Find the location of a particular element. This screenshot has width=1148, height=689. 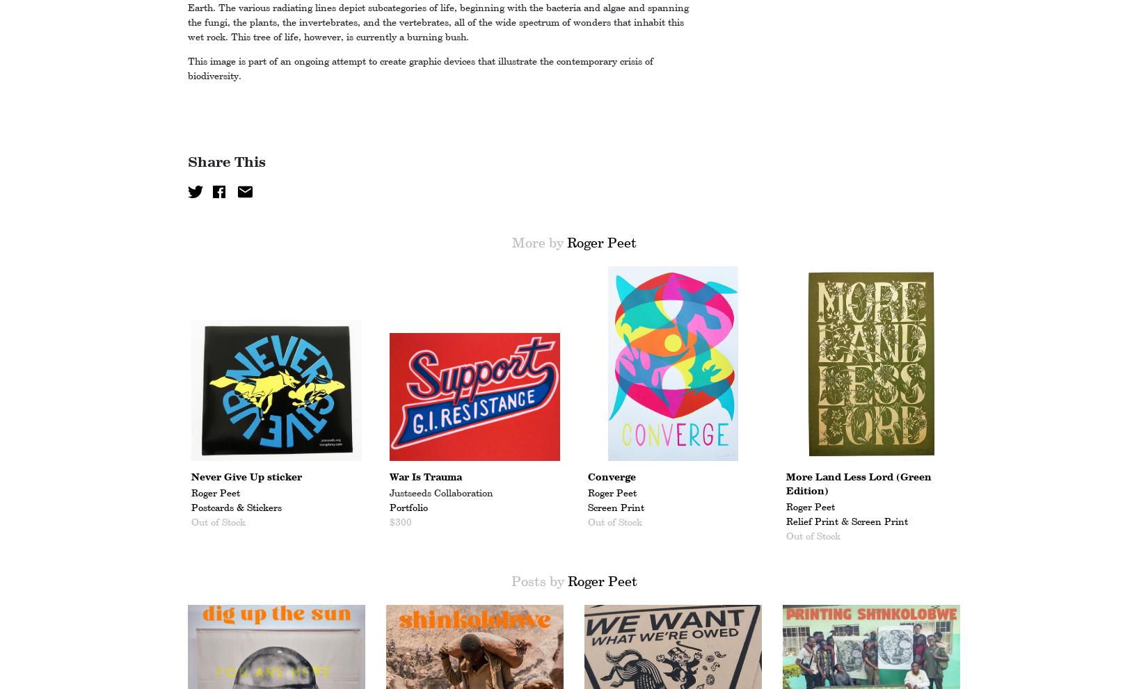

'&' is located at coordinates (845, 521).